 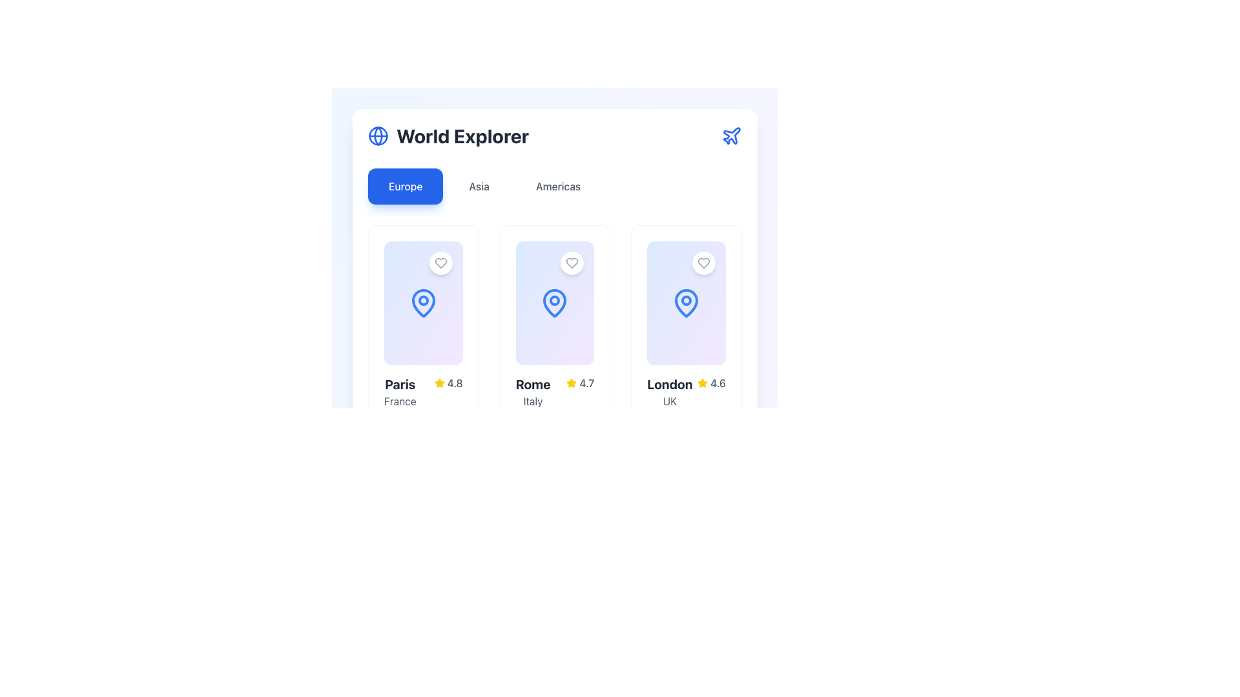 I want to click on the text label displaying 'UK' in gray font located in the third card under the 'Europe' tab, beneath the city label 'London', so click(x=670, y=400).